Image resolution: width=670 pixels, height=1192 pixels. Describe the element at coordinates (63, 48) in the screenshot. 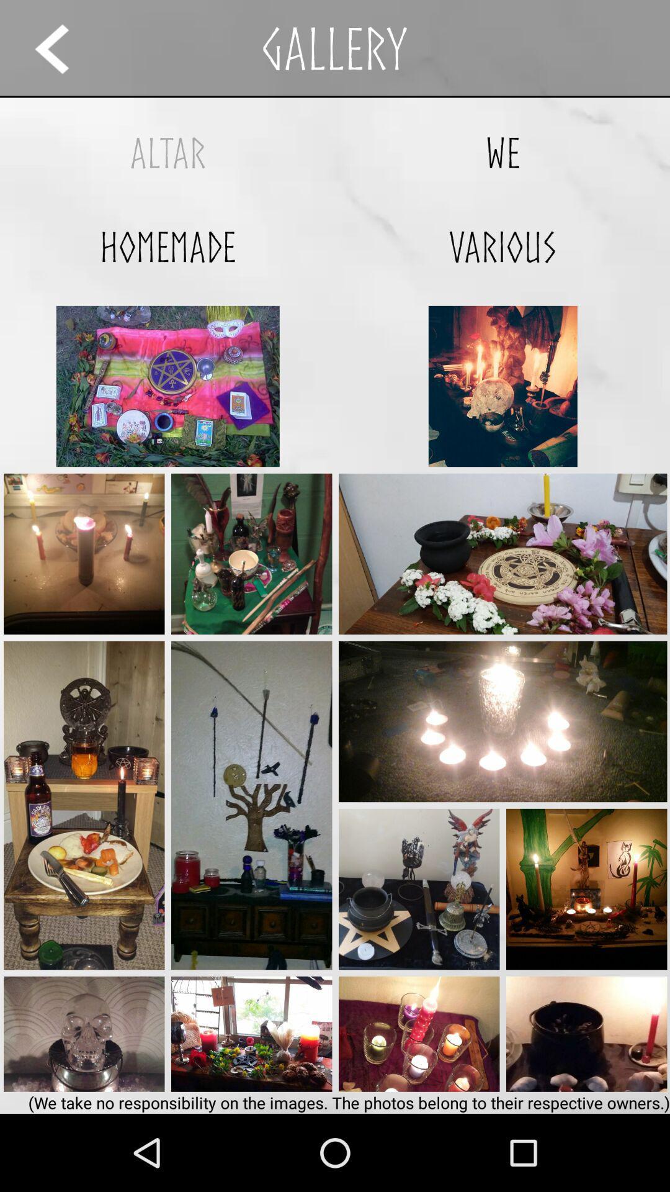

I see `go back` at that location.